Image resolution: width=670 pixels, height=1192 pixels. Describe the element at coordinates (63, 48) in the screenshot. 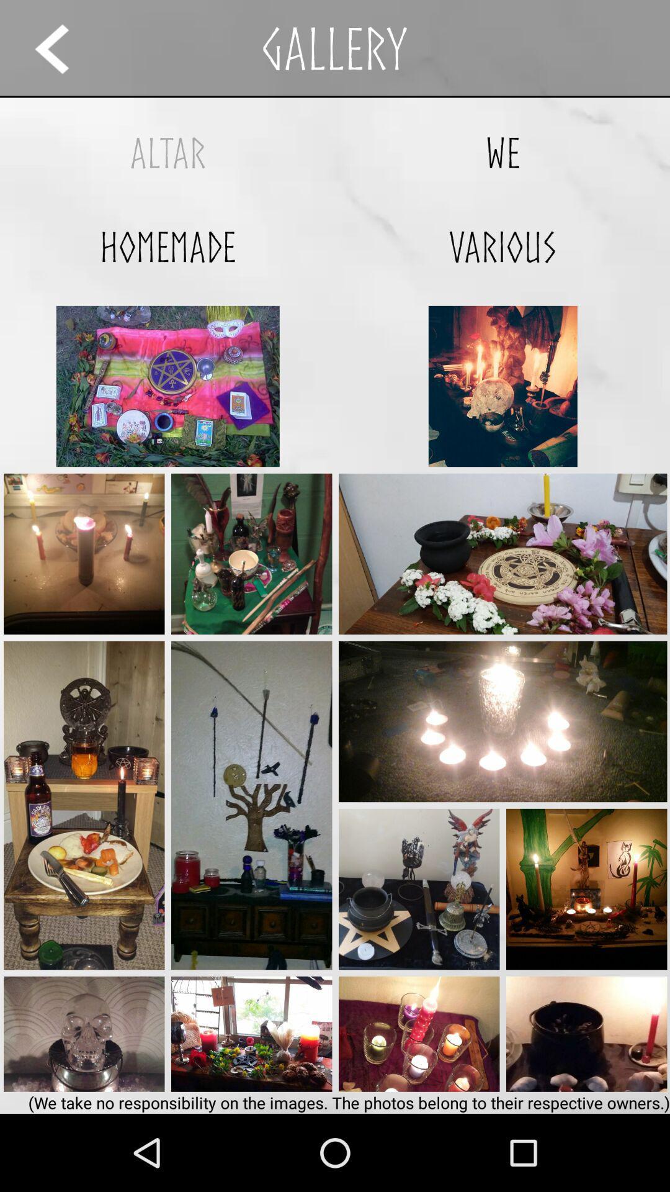

I see `go back` at that location.